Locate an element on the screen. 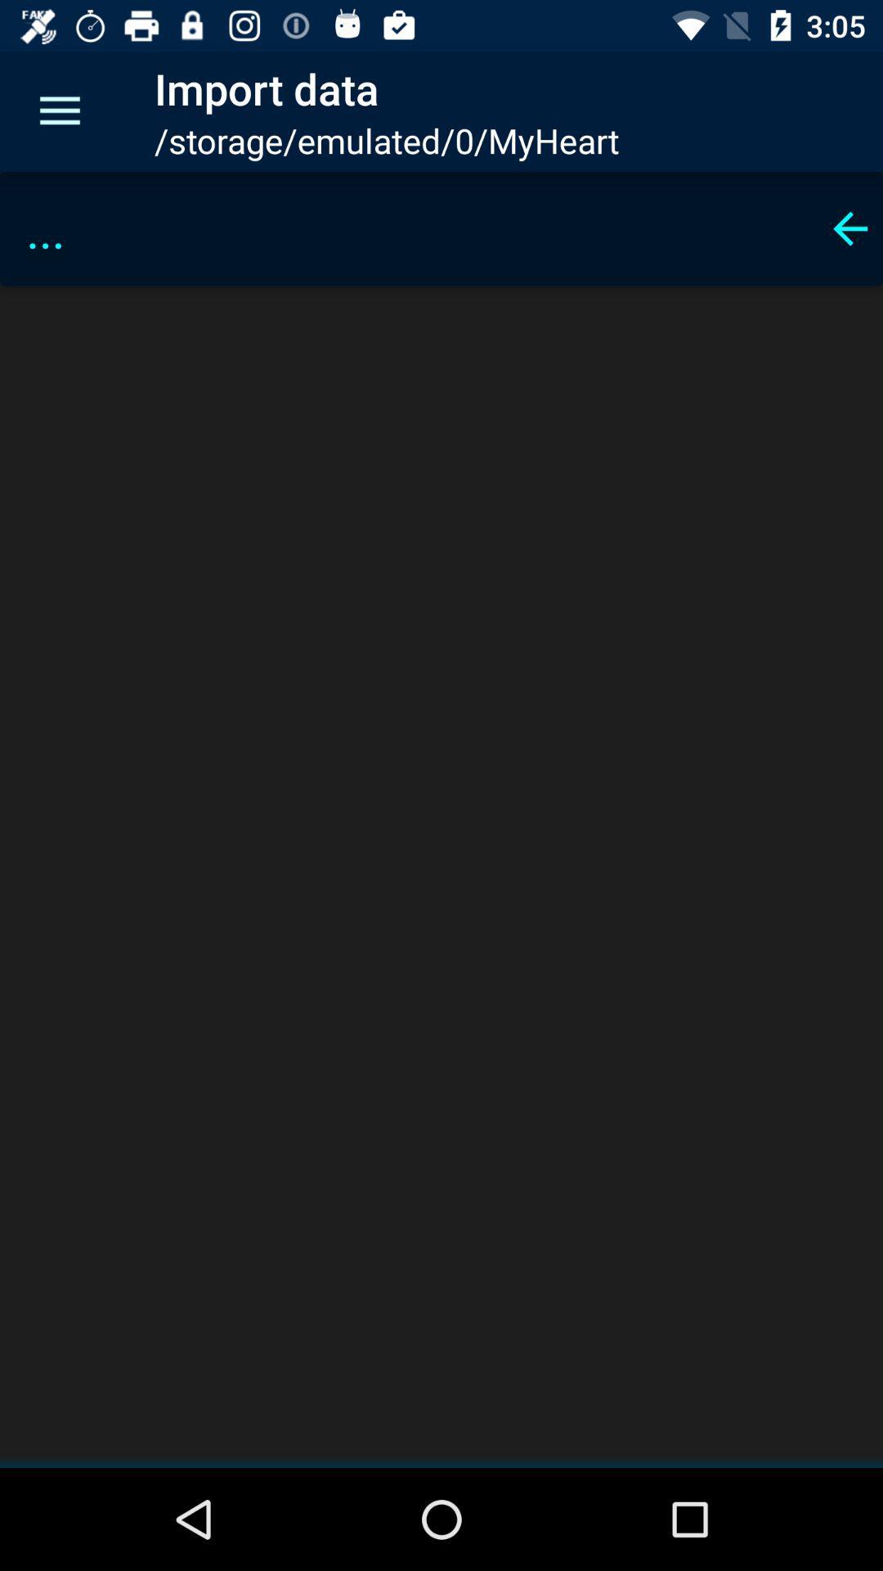 This screenshot has width=883, height=1571. the icon next to import data is located at coordinates (59, 110).